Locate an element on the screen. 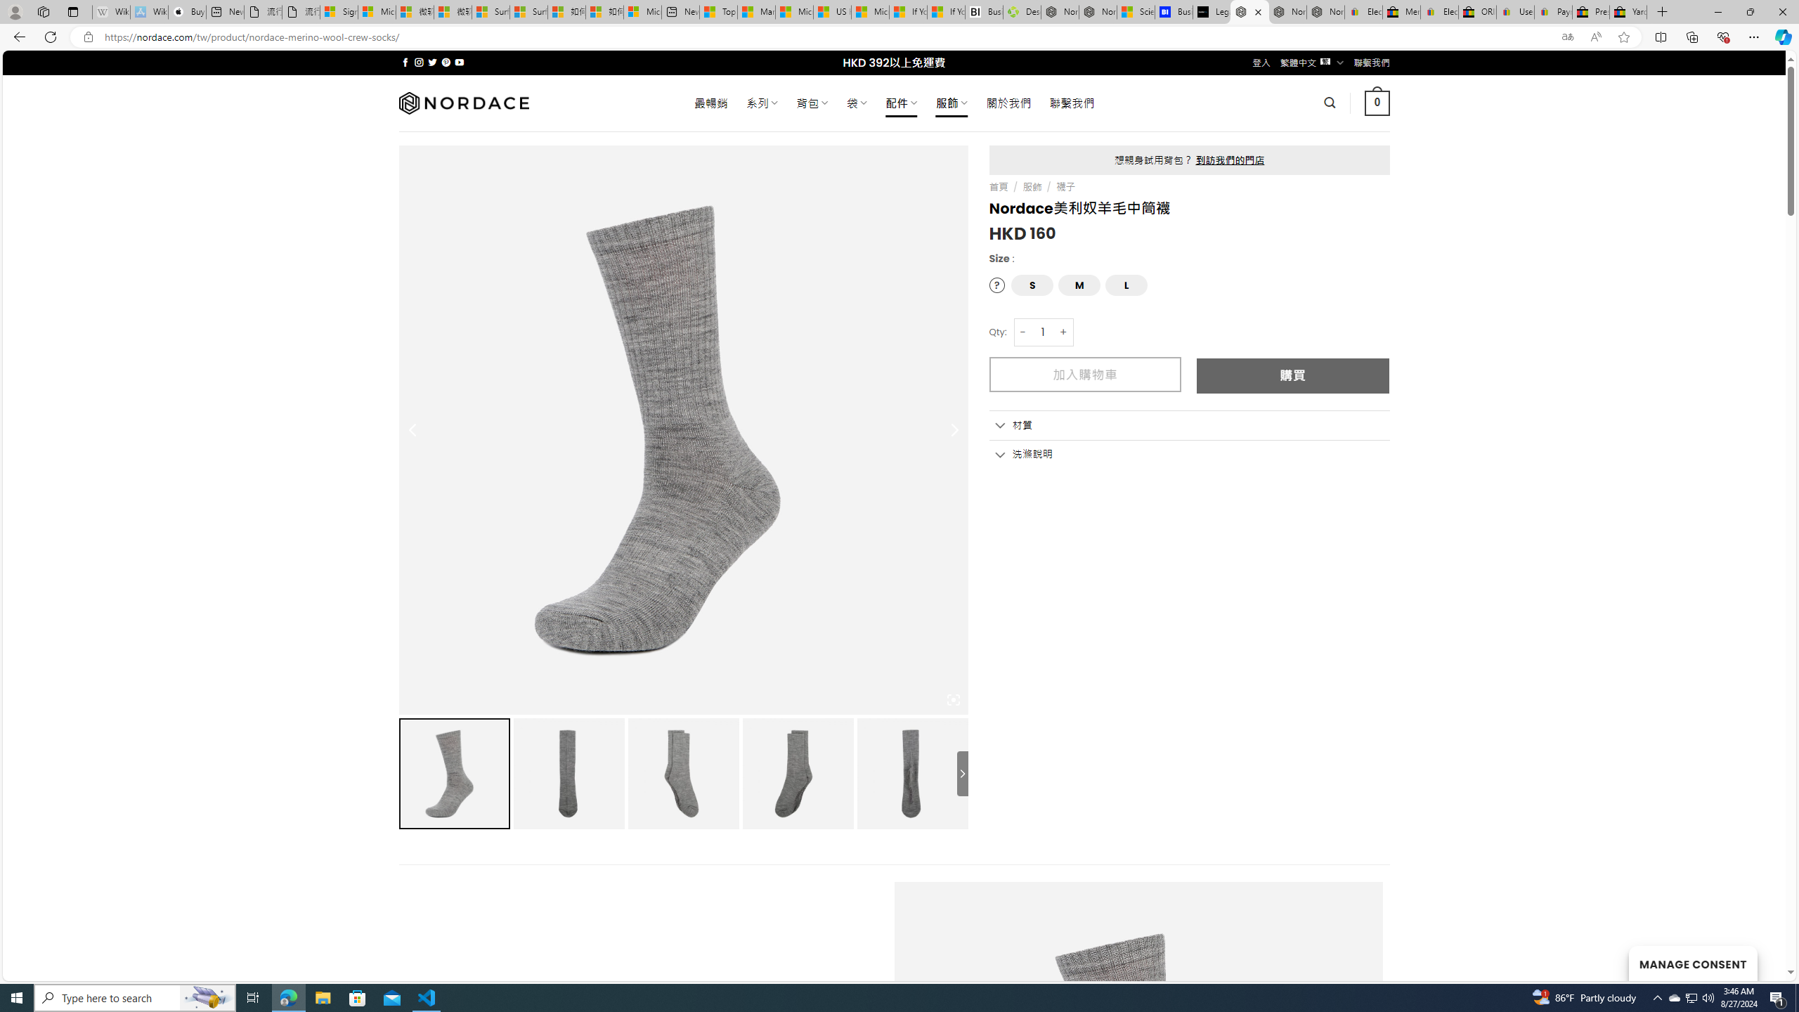  'Follow on YouTube' is located at coordinates (459, 62).